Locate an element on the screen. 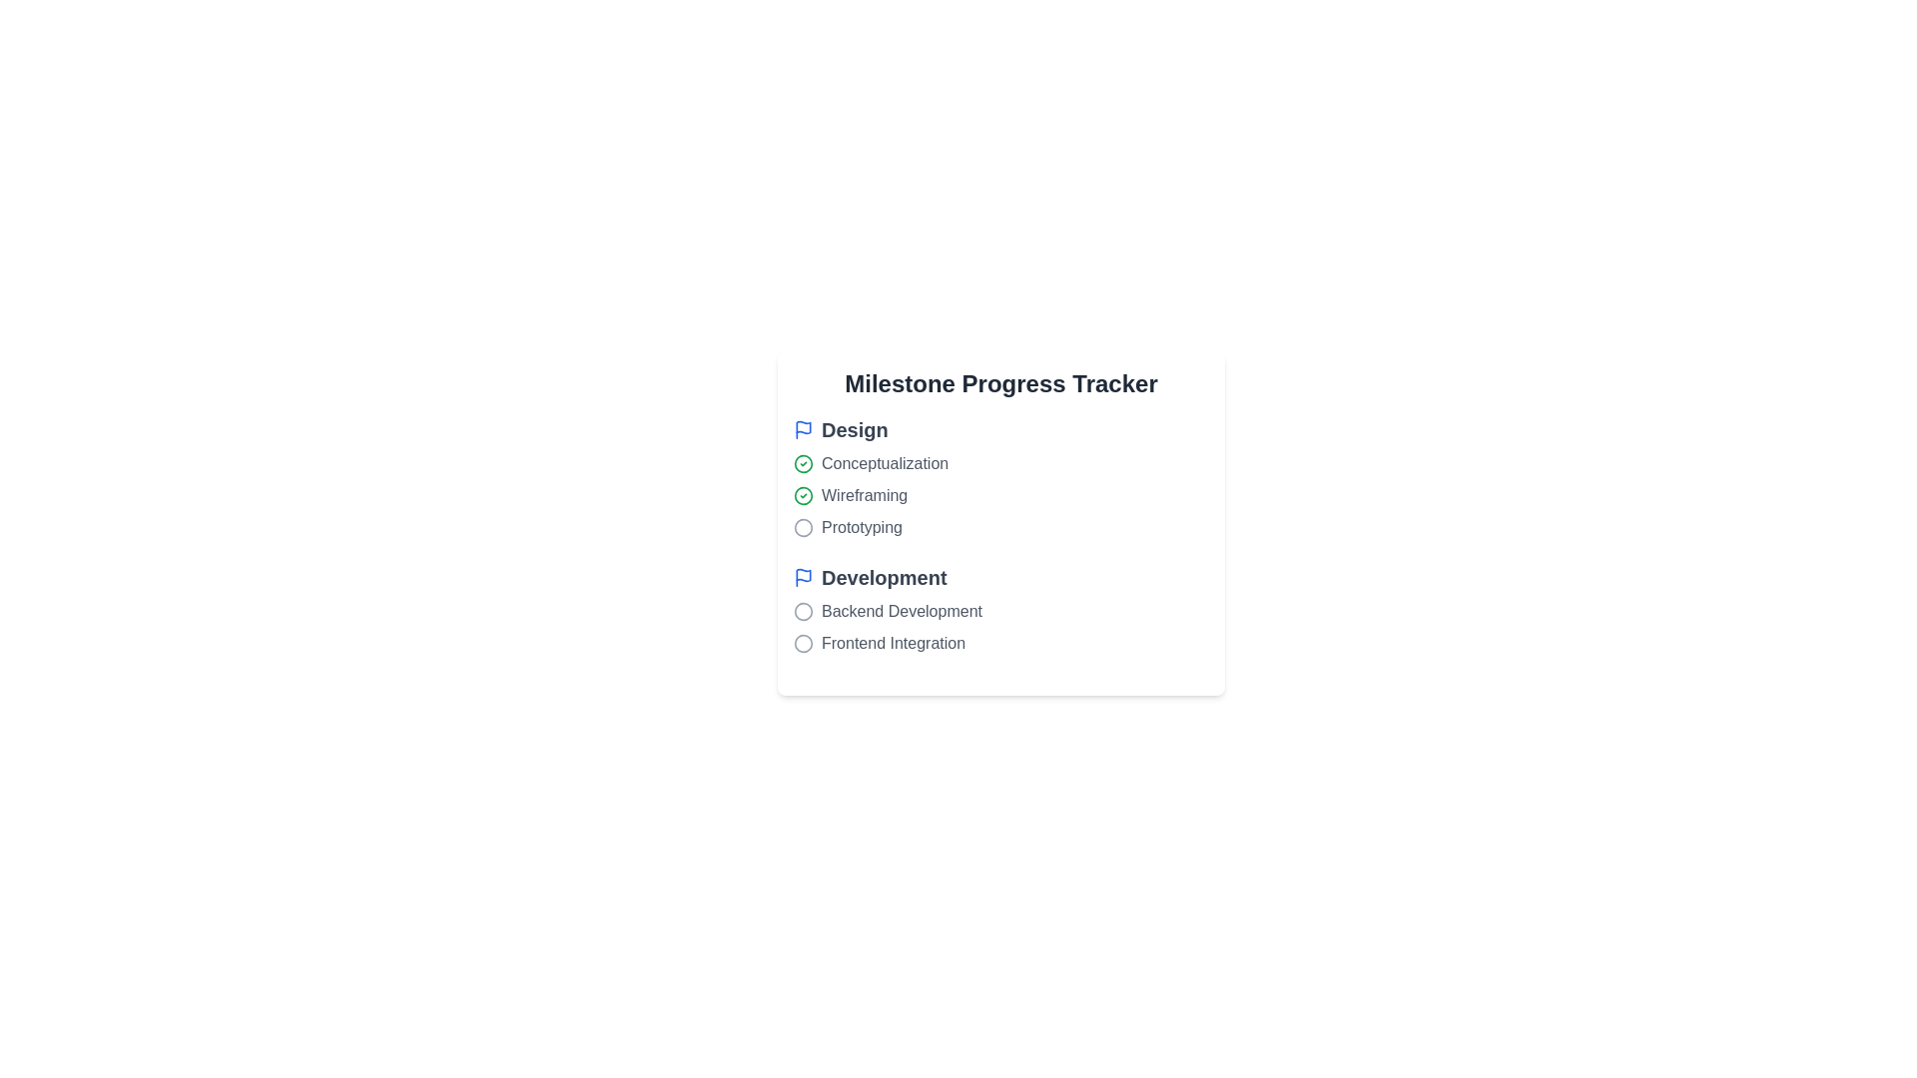 This screenshot has height=1078, width=1917. the second item in the selectable list labeled 'Frontend Integration' under the 'Development' section is located at coordinates (1001, 626).